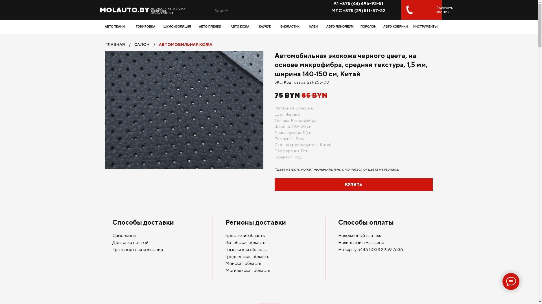  I want to click on 'MOLAUTO.BY', so click(124, 10).